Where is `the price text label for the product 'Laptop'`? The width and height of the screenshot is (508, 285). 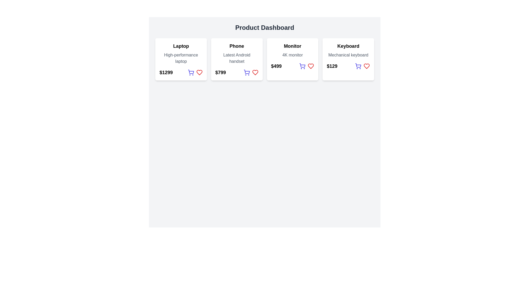 the price text label for the product 'Laptop' is located at coordinates (166, 72).